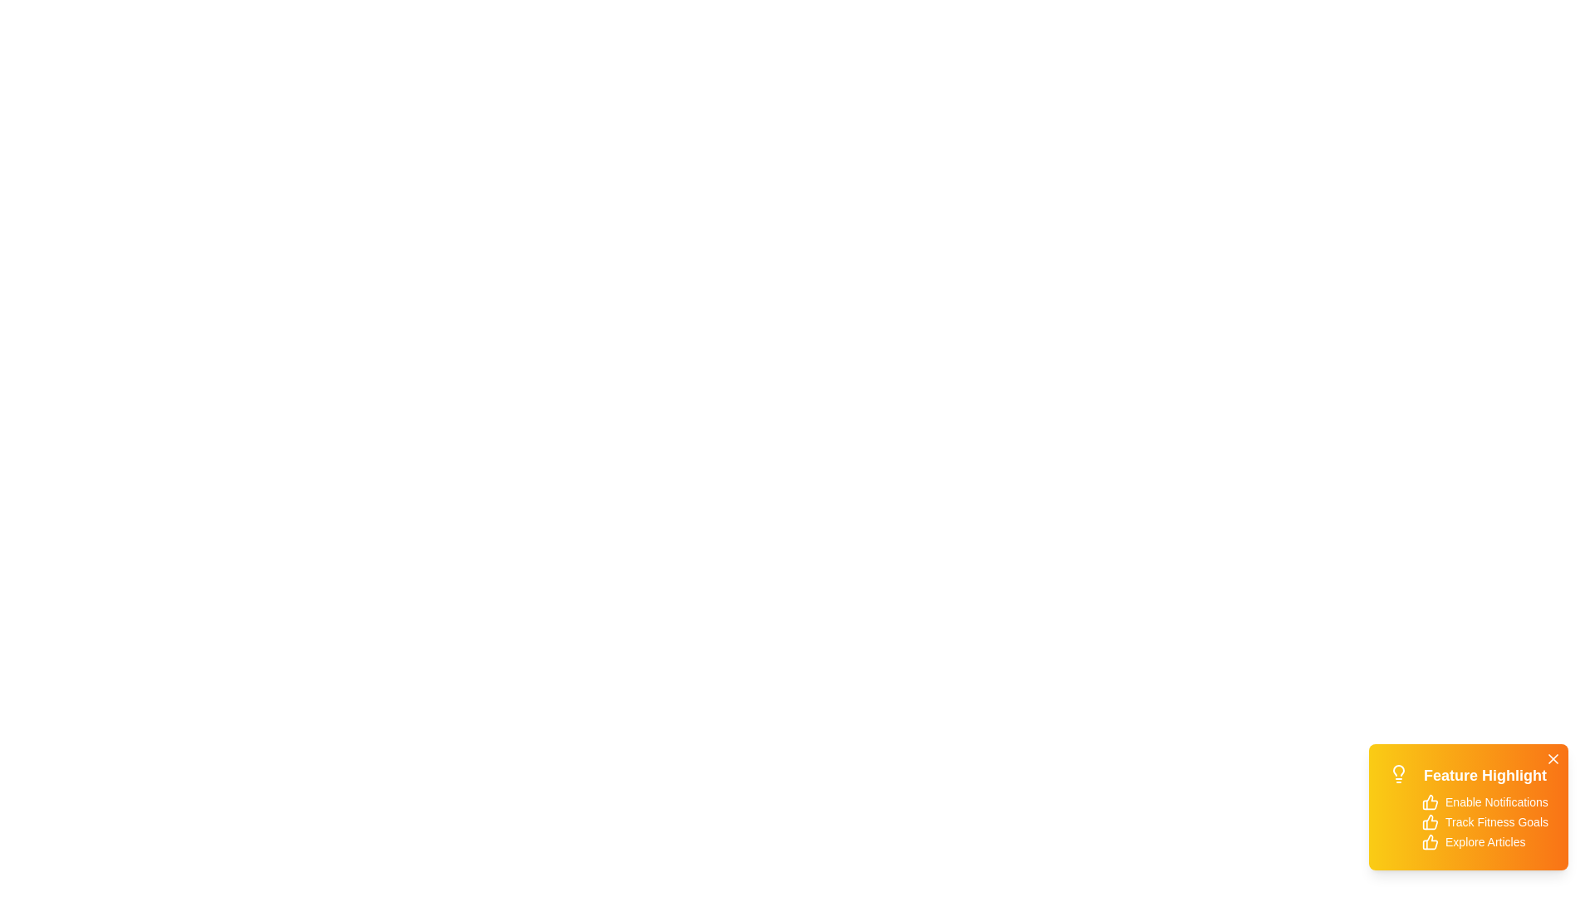 The height and width of the screenshot is (897, 1595). Describe the element at coordinates (1430, 801) in the screenshot. I see `the suggestion Enable Notifications to view its tooltip or effect` at that location.